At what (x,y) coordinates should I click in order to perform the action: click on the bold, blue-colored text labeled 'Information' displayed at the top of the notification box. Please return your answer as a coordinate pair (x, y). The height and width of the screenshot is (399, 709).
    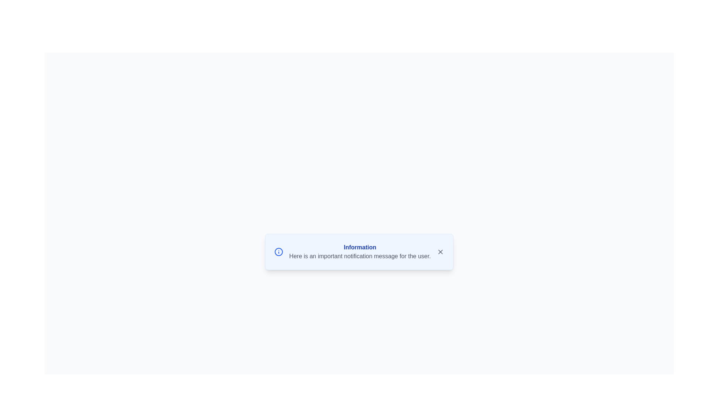
    Looking at the image, I should click on (360, 248).